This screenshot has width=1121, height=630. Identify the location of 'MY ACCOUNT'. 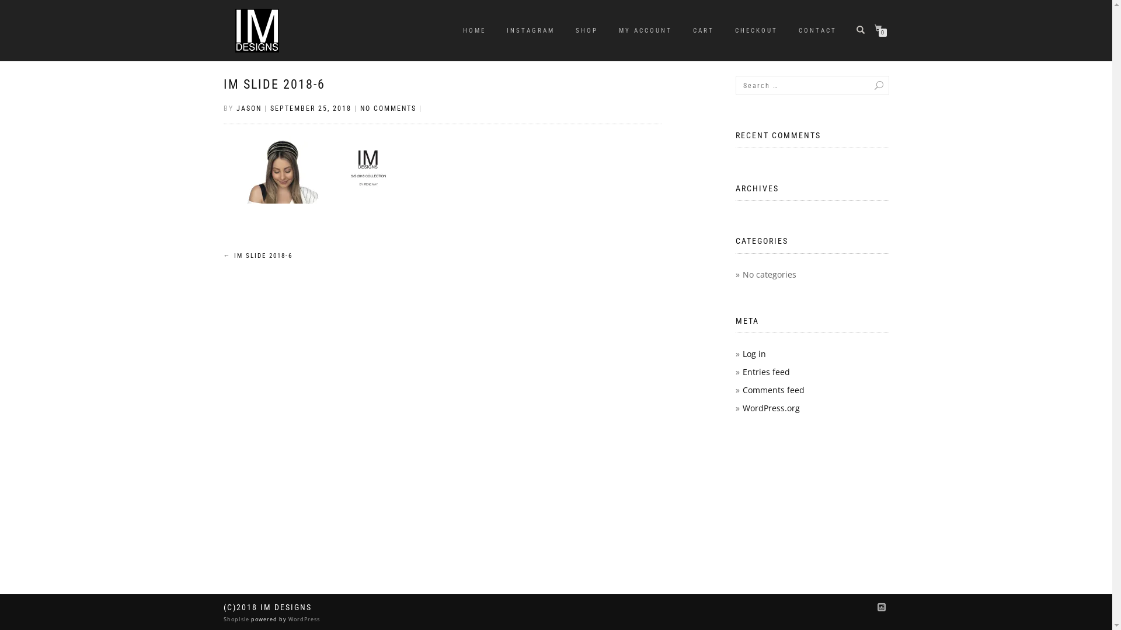
(644, 30).